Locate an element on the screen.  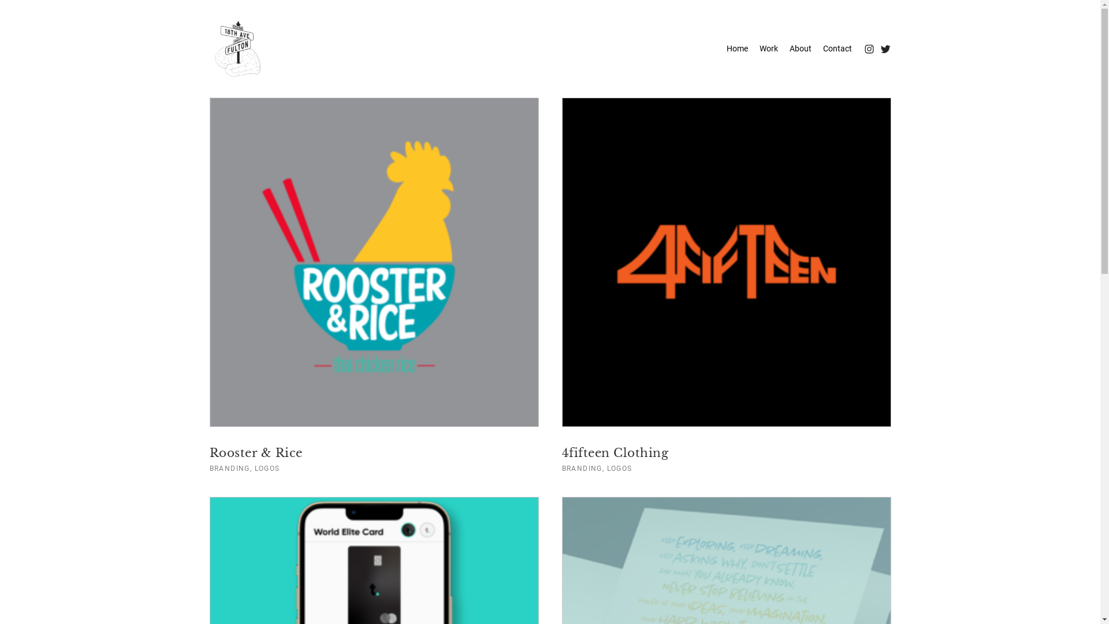
'Contact' is located at coordinates (837, 48).